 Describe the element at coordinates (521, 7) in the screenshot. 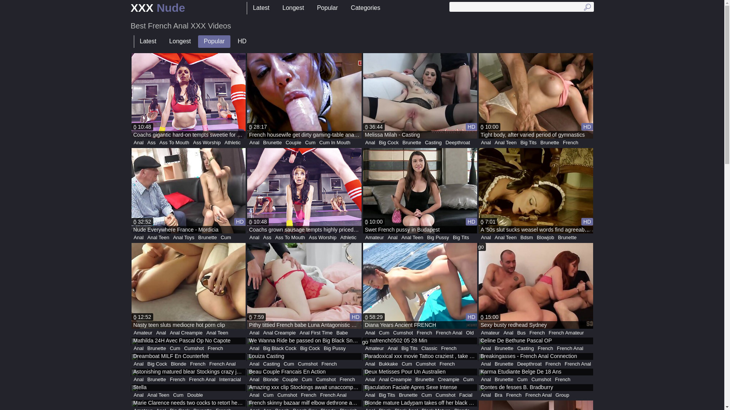

I see `'Search X Videos'` at that location.